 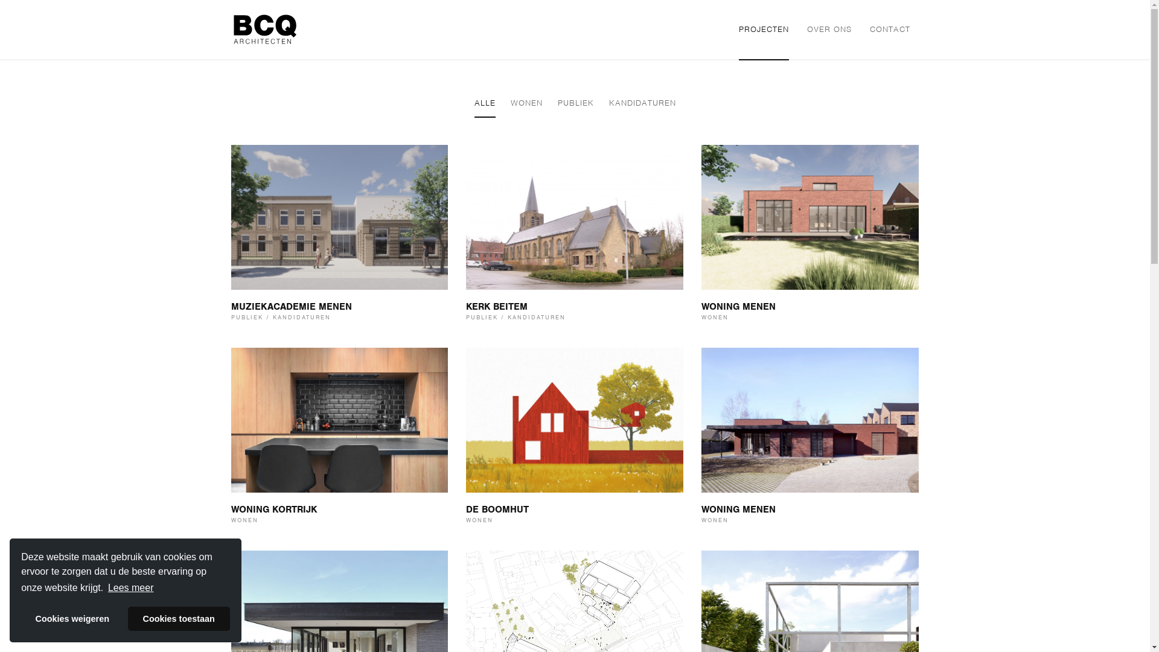 What do you see at coordinates (641, 103) in the screenshot?
I see `'KANDIDATUREN'` at bounding box center [641, 103].